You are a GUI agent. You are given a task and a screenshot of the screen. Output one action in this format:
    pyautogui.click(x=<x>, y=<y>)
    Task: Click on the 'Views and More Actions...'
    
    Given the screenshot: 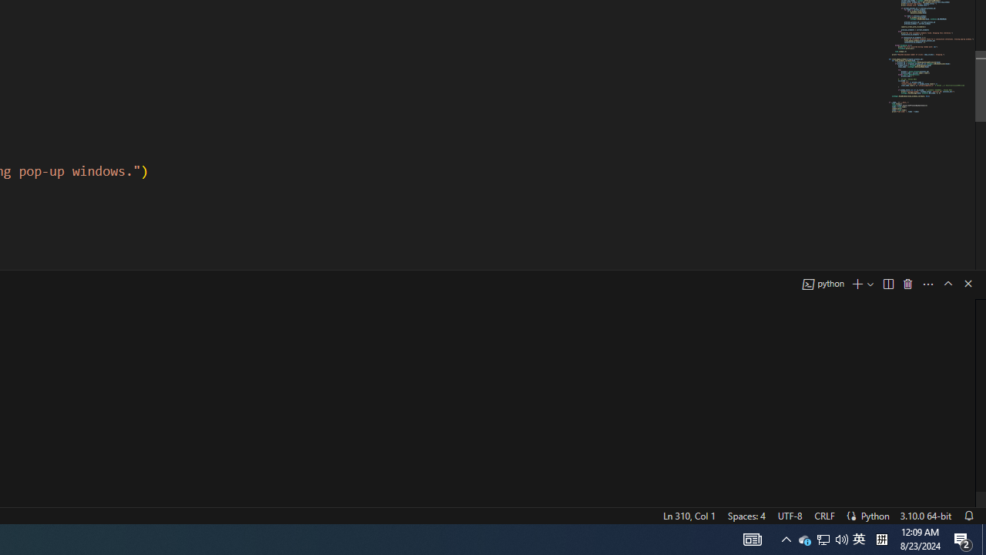 What is the action you would take?
    pyautogui.click(x=927, y=284)
    